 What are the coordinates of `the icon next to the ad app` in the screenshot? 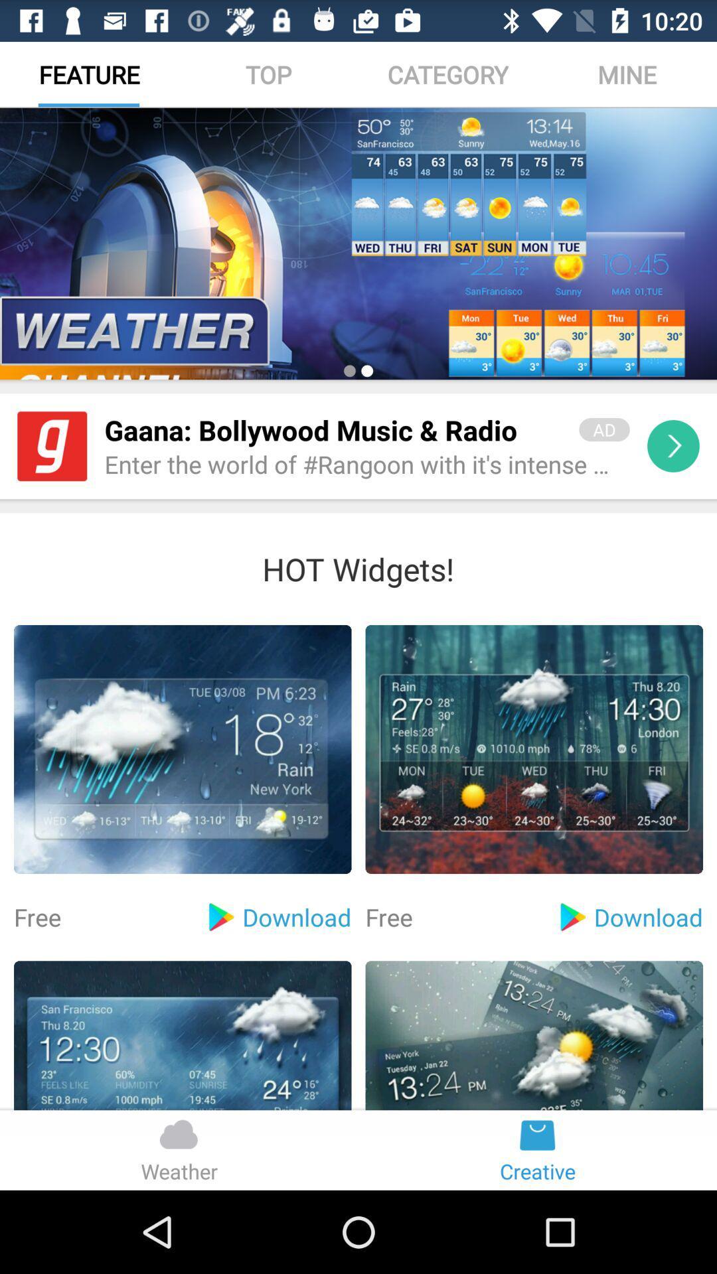 It's located at (332, 430).